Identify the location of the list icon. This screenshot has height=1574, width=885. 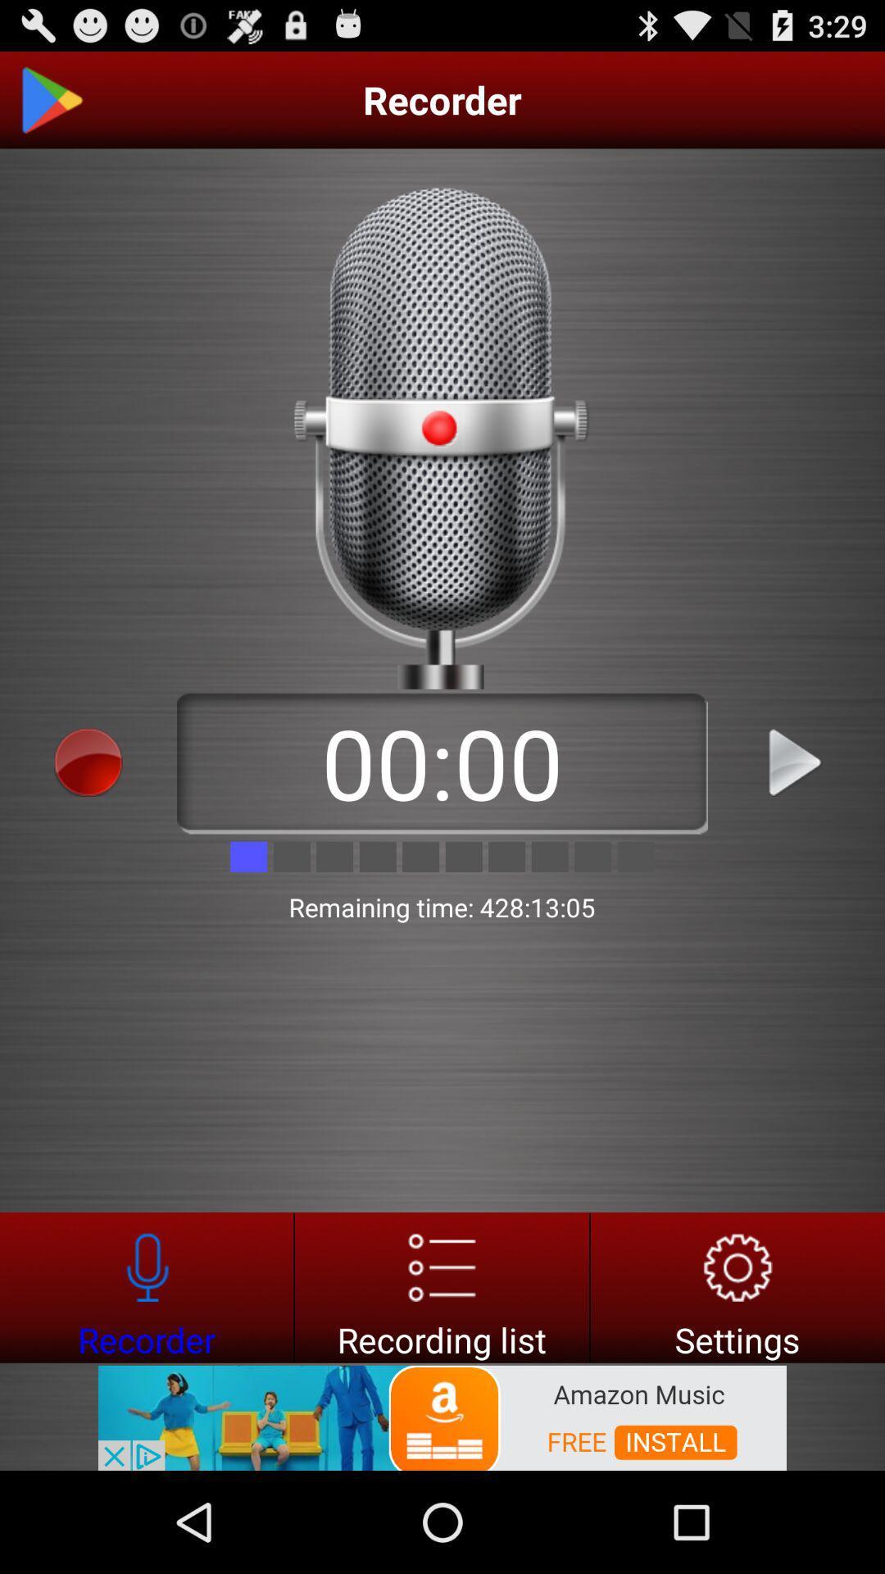
(441, 1377).